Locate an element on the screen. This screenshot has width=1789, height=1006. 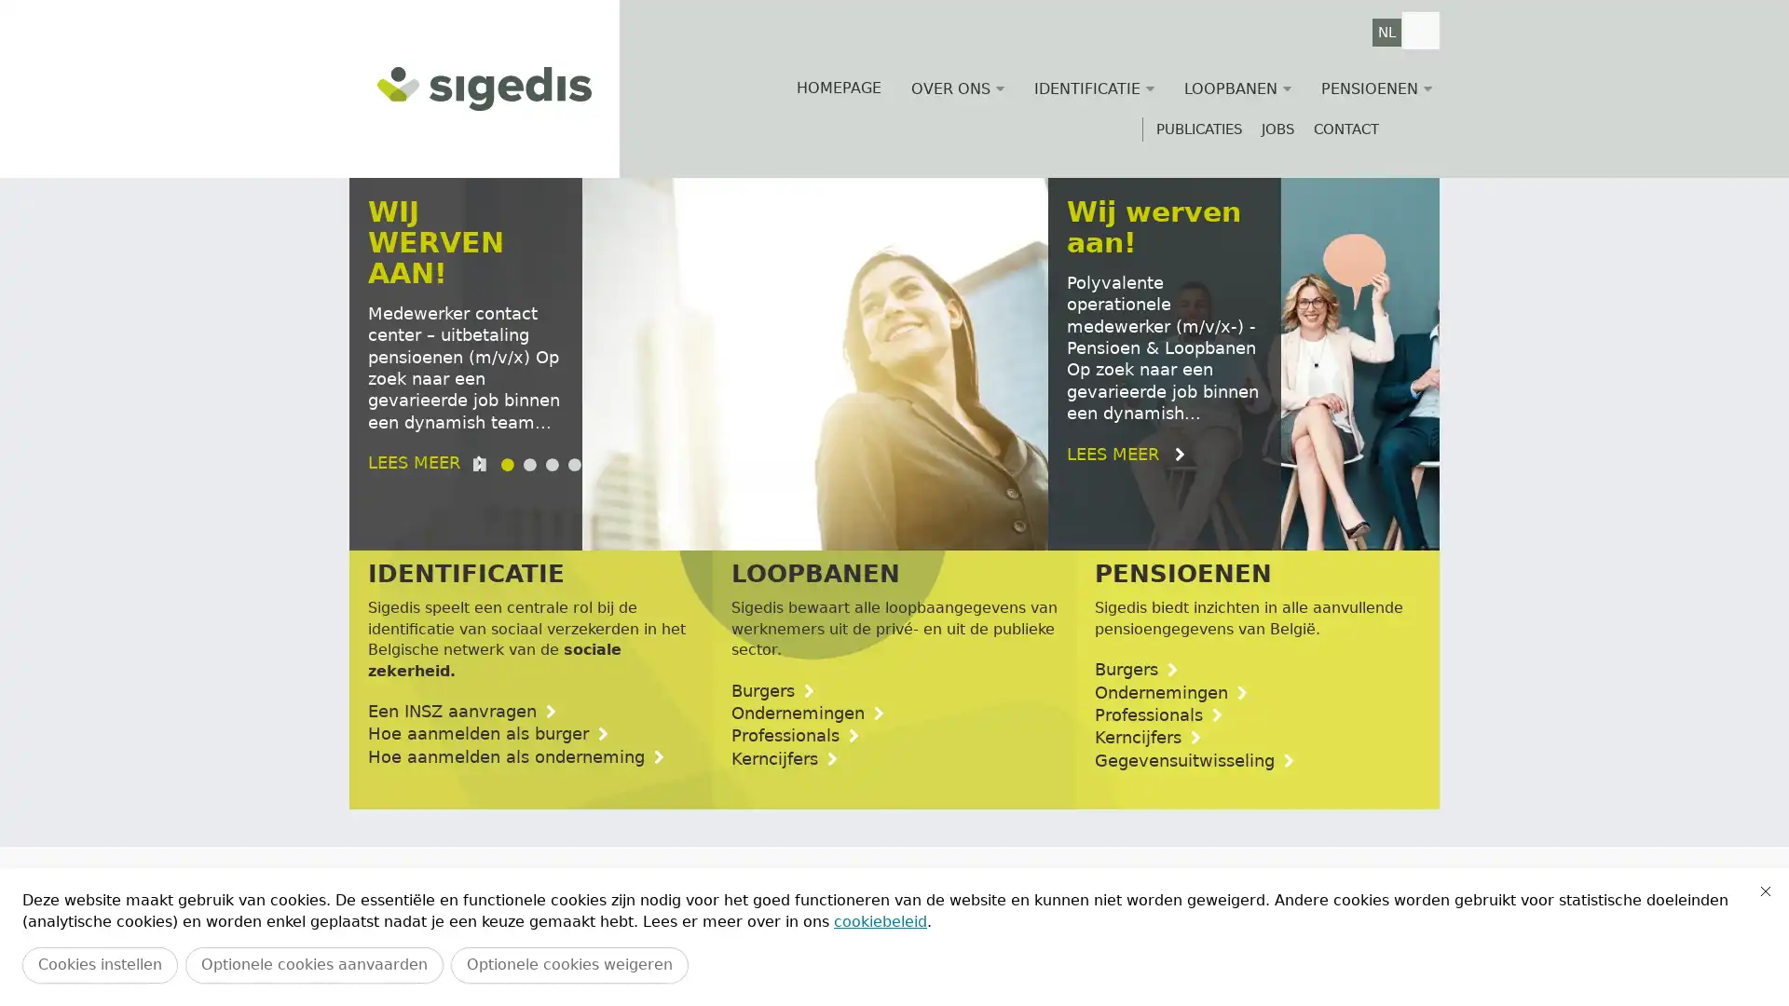
Next is located at coordinates (1392, 948).